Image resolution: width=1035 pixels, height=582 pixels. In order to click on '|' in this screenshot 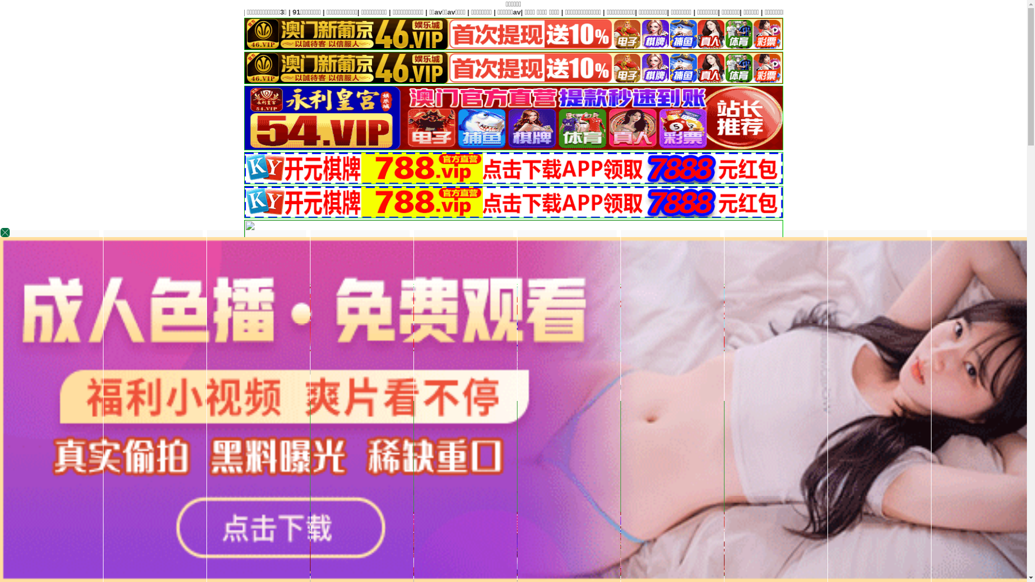, I will do `click(774, 12)`.